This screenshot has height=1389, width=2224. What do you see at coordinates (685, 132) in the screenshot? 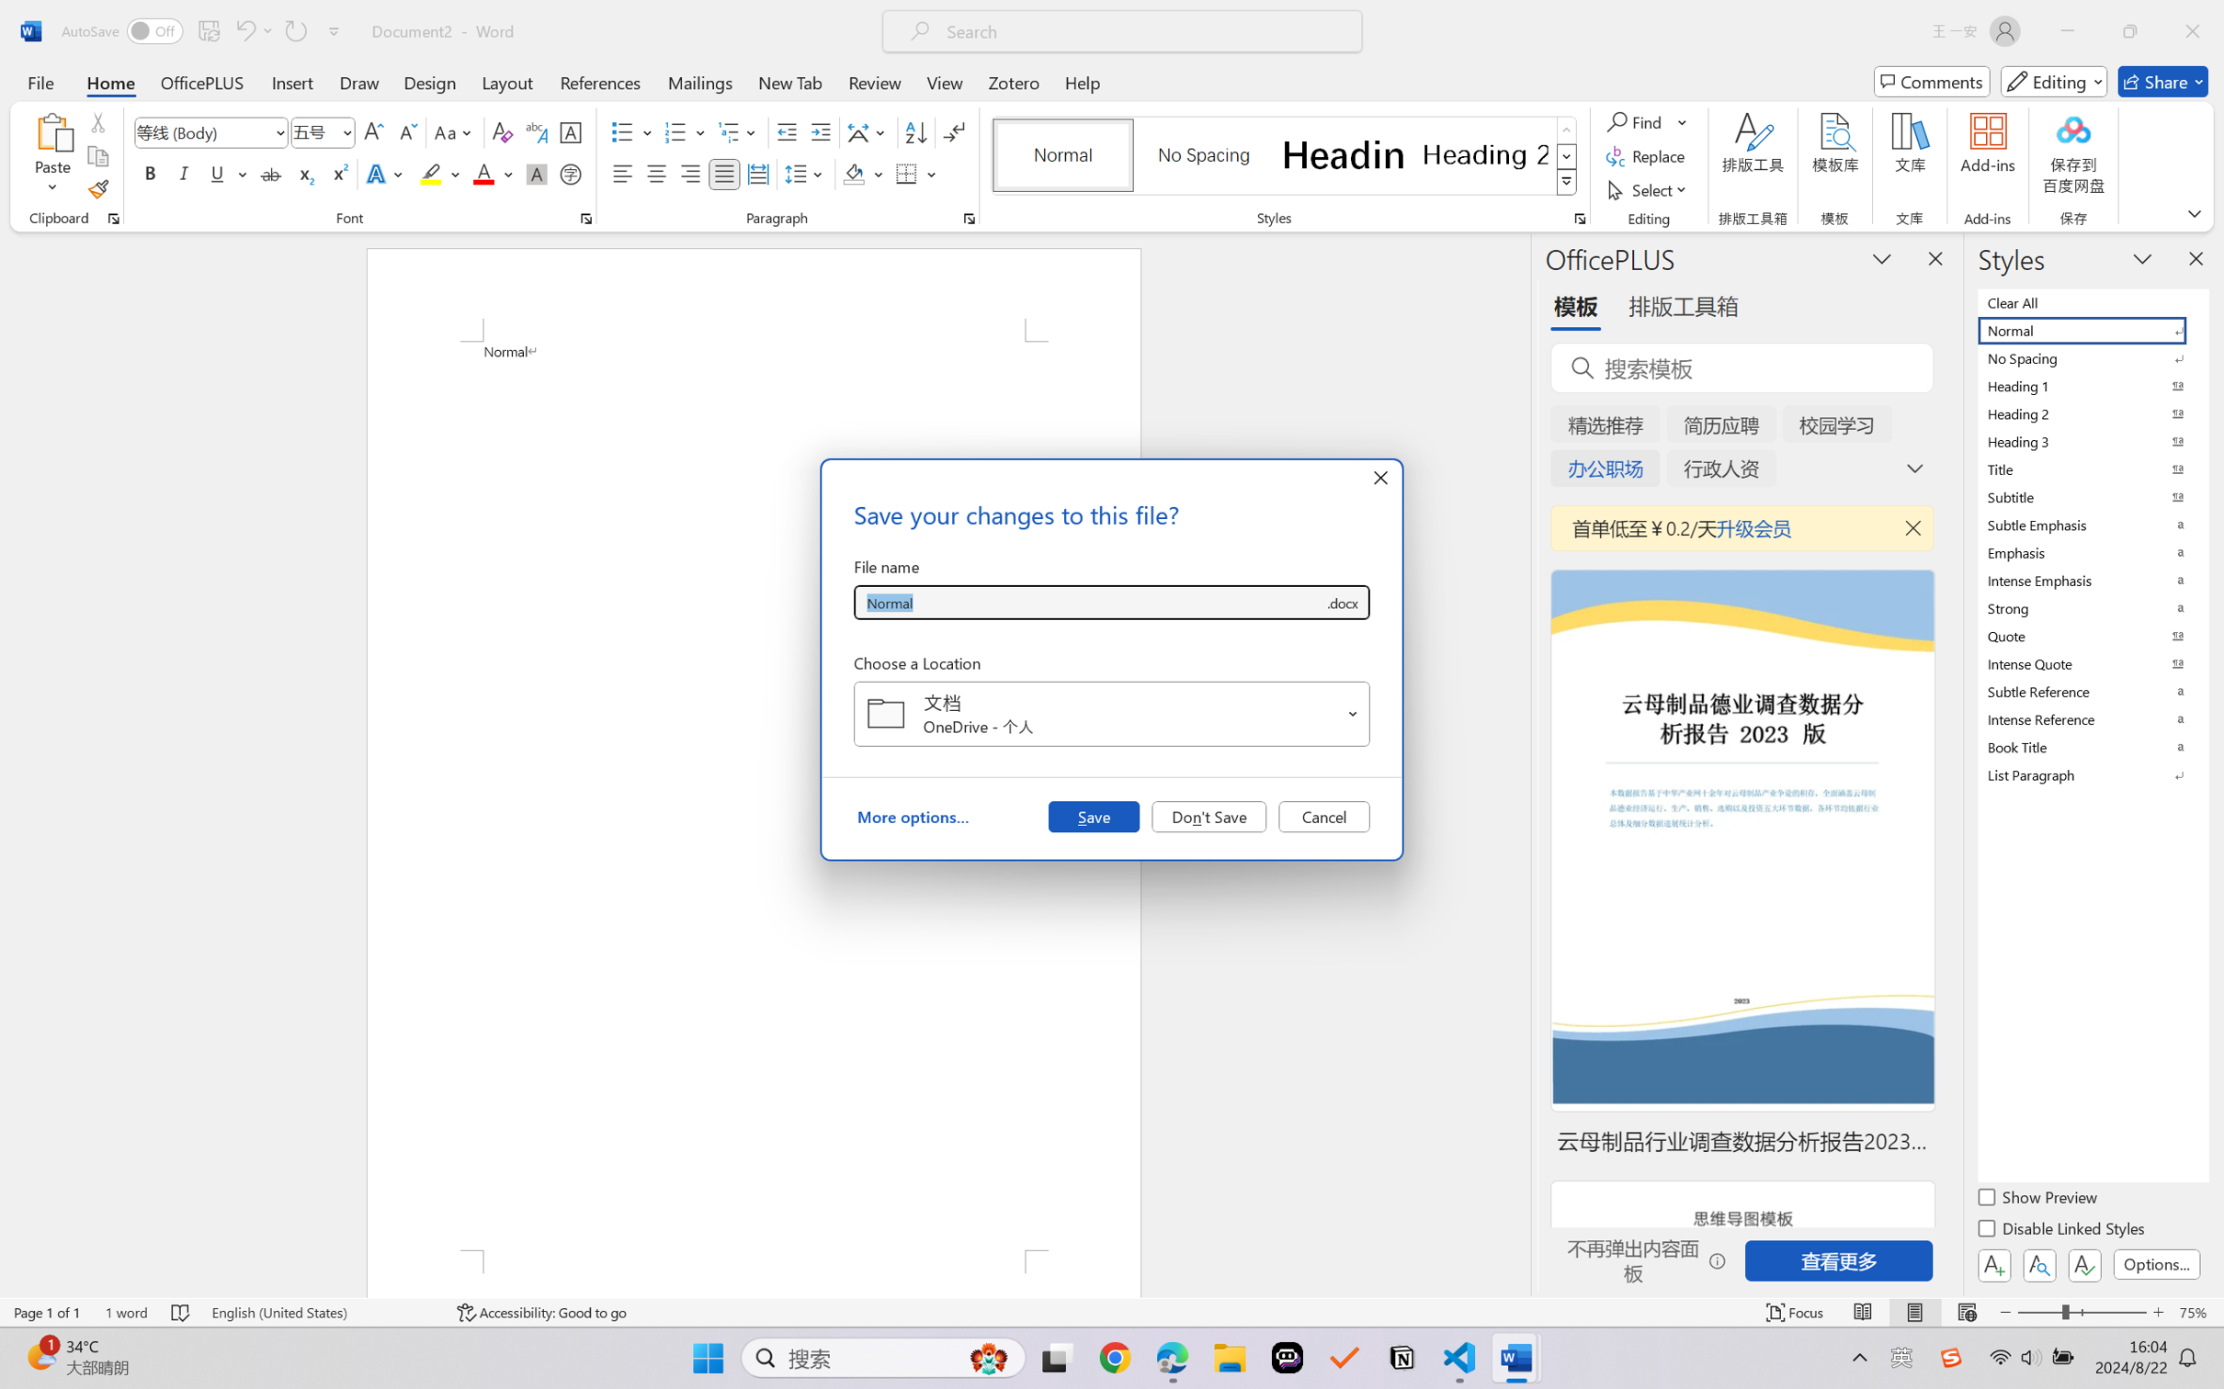
I see `'Numbering'` at bounding box center [685, 132].